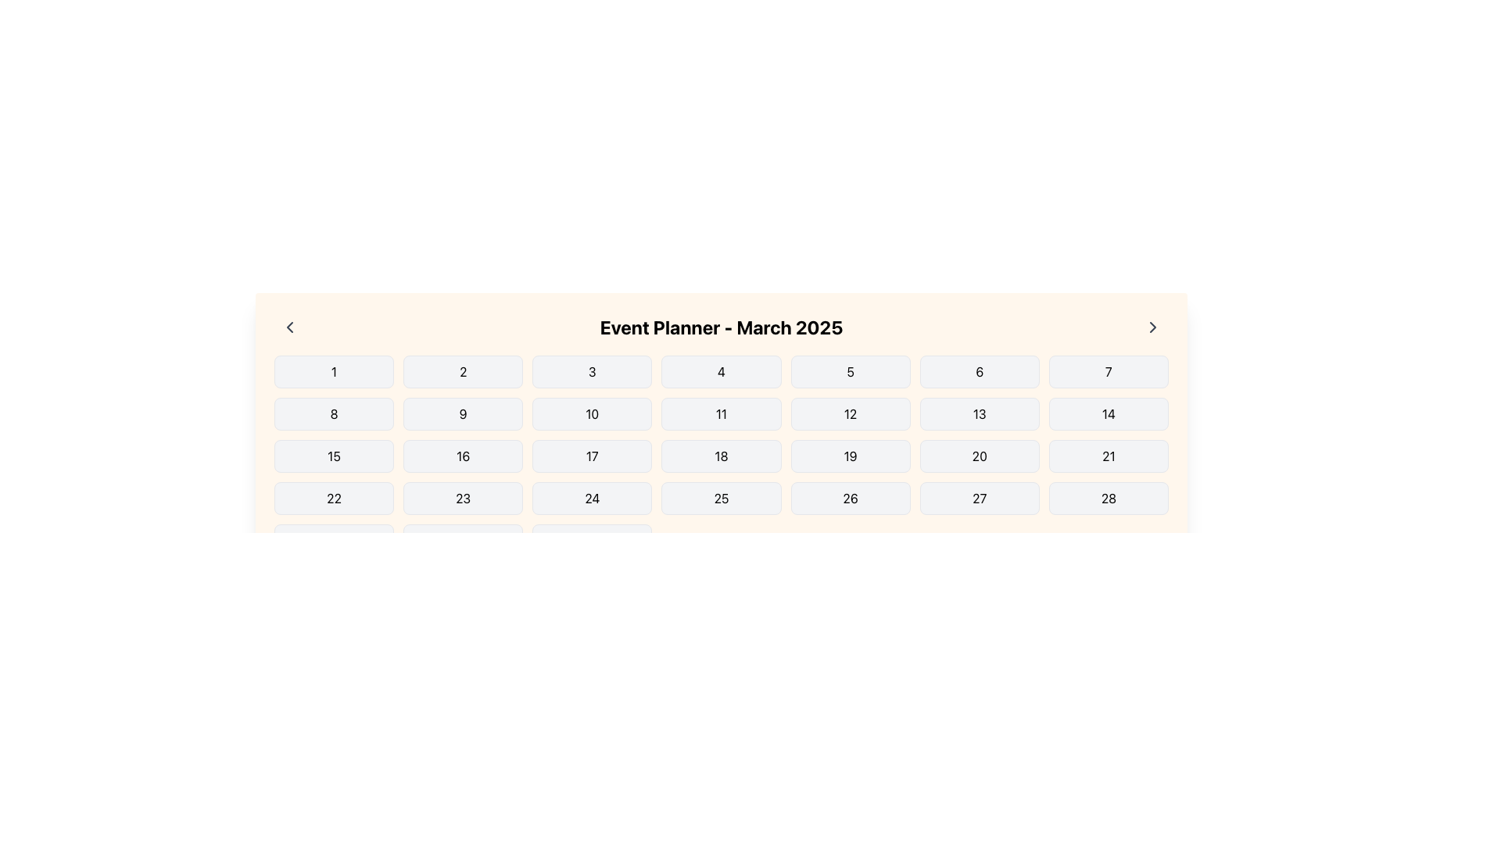 Image resolution: width=1501 pixels, height=844 pixels. Describe the element at coordinates (720, 498) in the screenshot. I see `the rectangular button with a gray background and the number '25' in black text` at that location.